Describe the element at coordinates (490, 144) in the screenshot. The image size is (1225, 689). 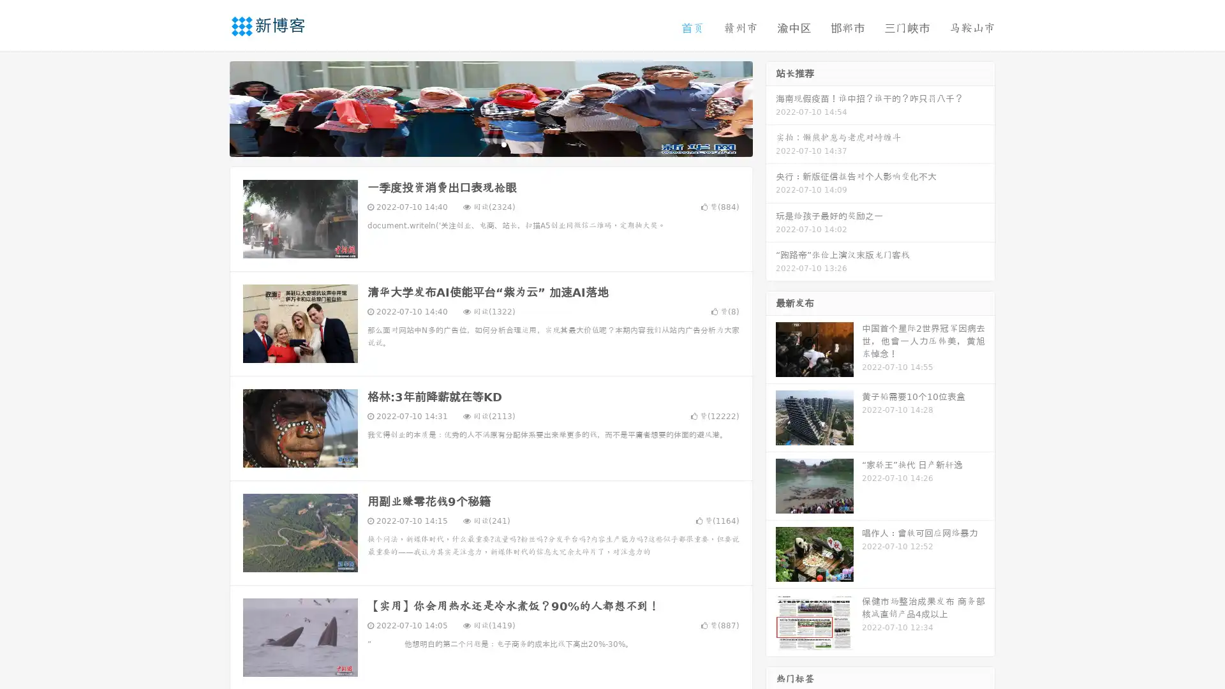
I see `Go to slide 2` at that location.